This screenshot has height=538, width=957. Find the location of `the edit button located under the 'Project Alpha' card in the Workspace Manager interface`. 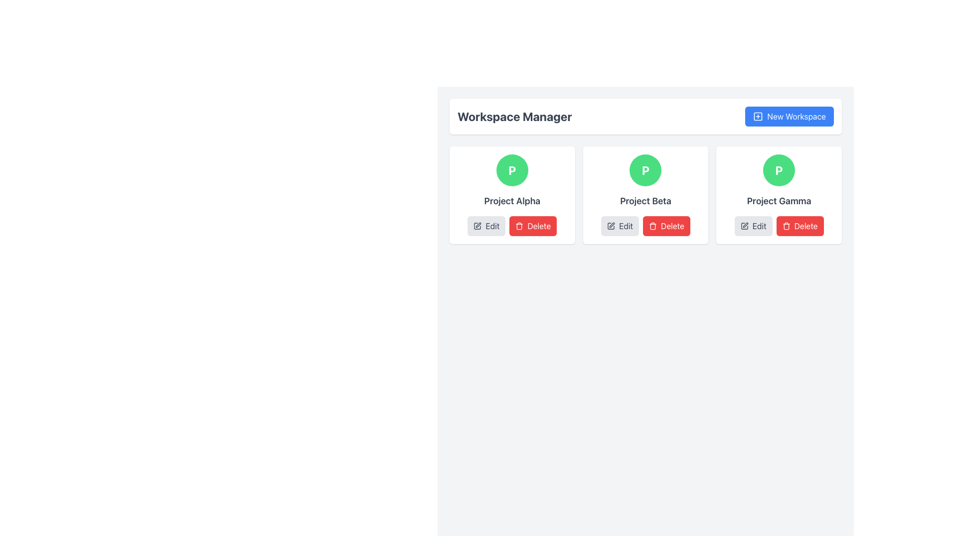

the edit button located under the 'Project Alpha' card in the Workspace Manager interface is located at coordinates (486, 226).